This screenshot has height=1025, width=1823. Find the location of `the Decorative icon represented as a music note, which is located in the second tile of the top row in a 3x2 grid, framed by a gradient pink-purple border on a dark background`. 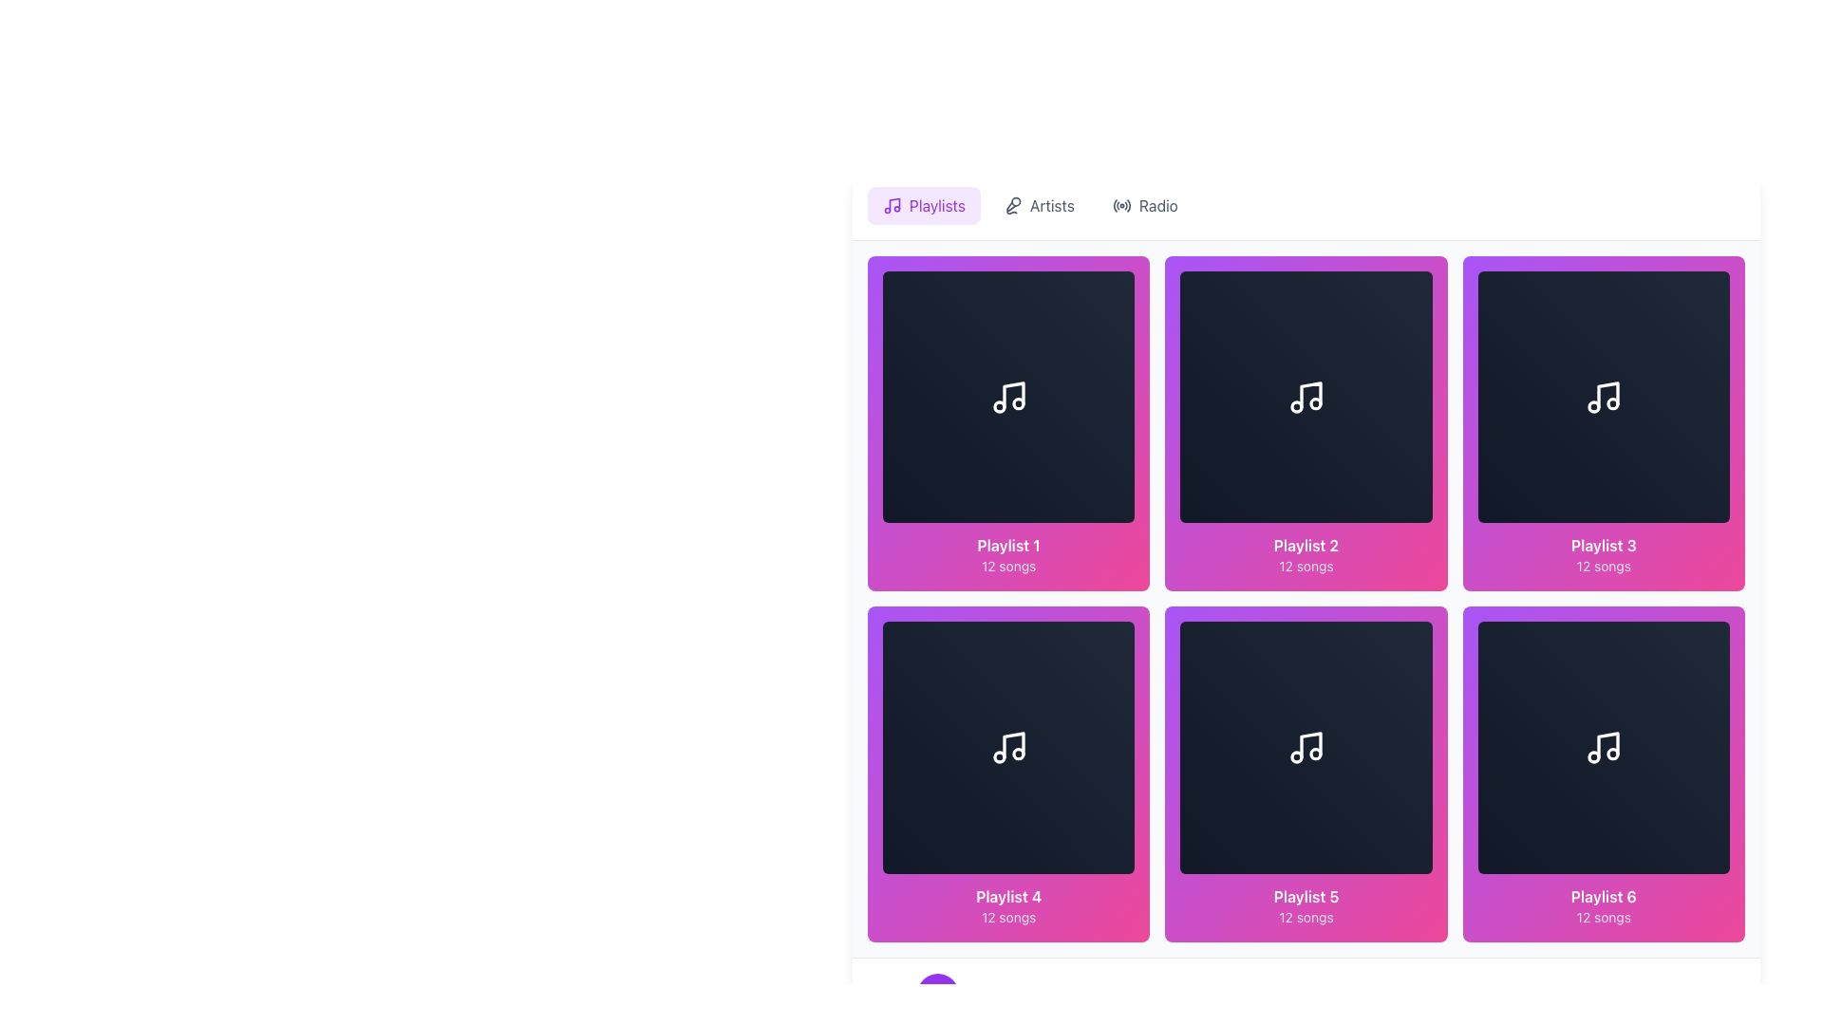

the Decorative icon represented as a music note, which is located in the second tile of the top row in a 3x2 grid, framed by a gradient pink-purple border on a dark background is located at coordinates (1310, 394).